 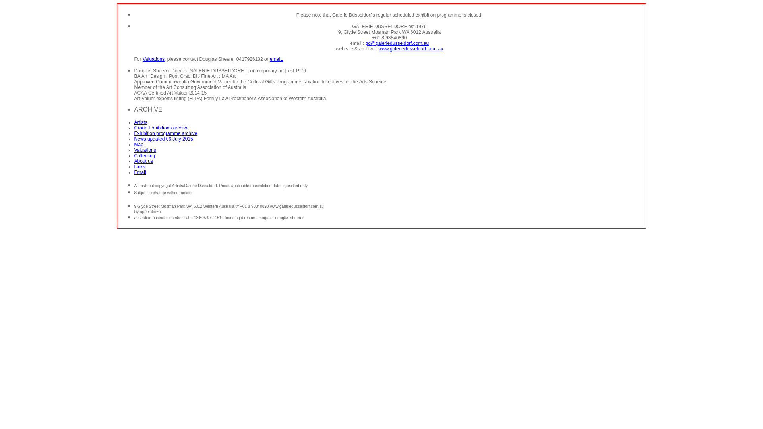 I want to click on 'Collecting', so click(x=145, y=156).